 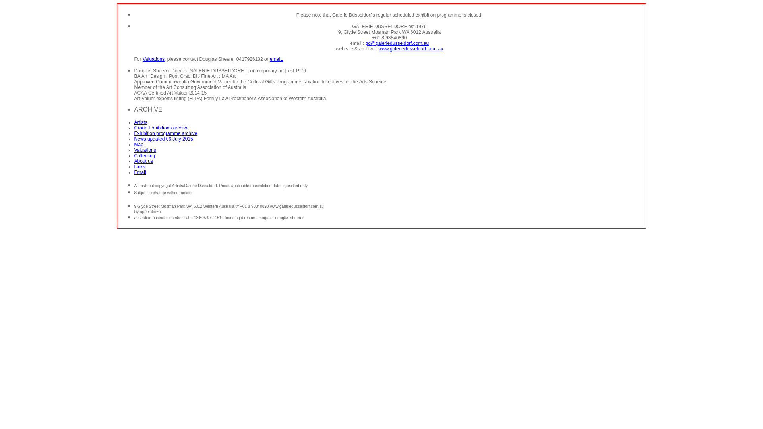 I want to click on 'Collecting', so click(x=145, y=156).